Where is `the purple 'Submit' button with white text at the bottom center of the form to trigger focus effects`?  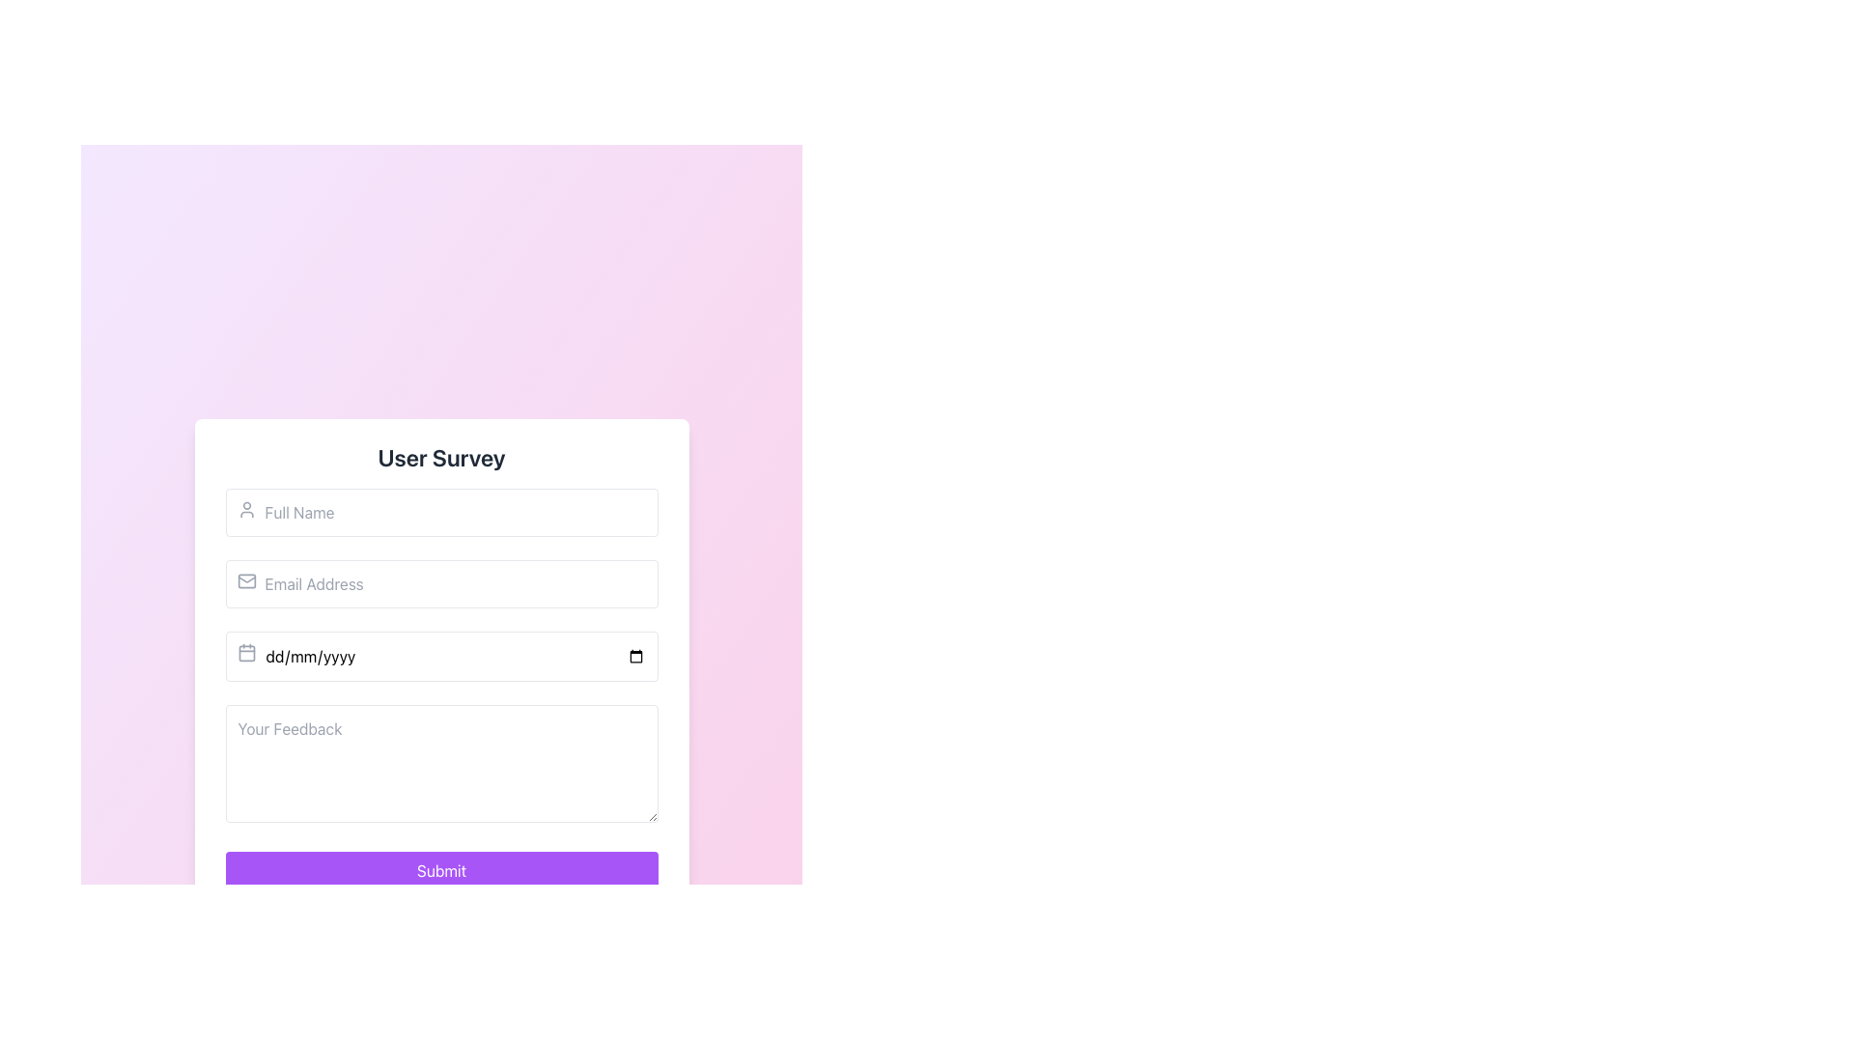
the purple 'Submit' button with white text at the bottom center of the form to trigger focus effects is located at coordinates (440, 871).